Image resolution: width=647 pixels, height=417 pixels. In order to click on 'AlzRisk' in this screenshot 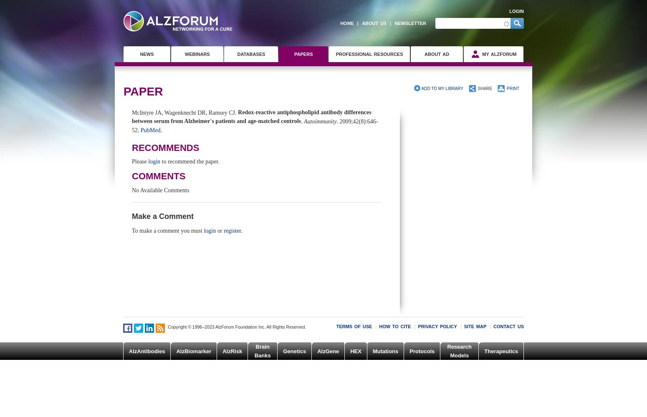, I will do `click(232, 350)`.